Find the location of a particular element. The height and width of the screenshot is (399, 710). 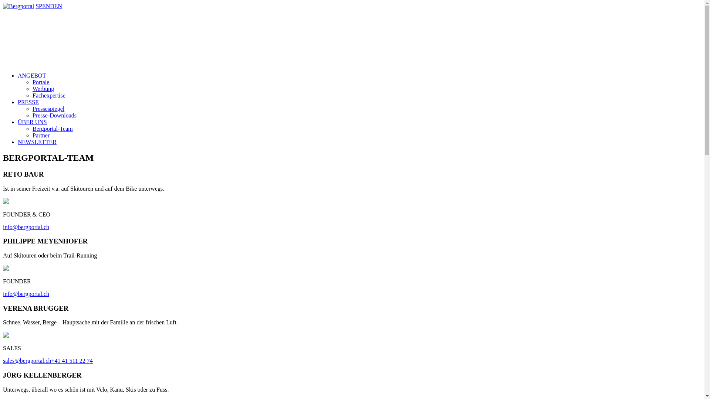

'Presse-Downloads' is located at coordinates (32, 115).